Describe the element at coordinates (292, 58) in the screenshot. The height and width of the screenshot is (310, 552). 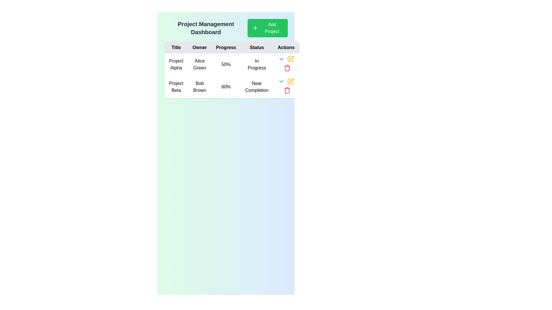
I see `the Icon button in the 'Actions' column for 'Project Beta'` at that location.